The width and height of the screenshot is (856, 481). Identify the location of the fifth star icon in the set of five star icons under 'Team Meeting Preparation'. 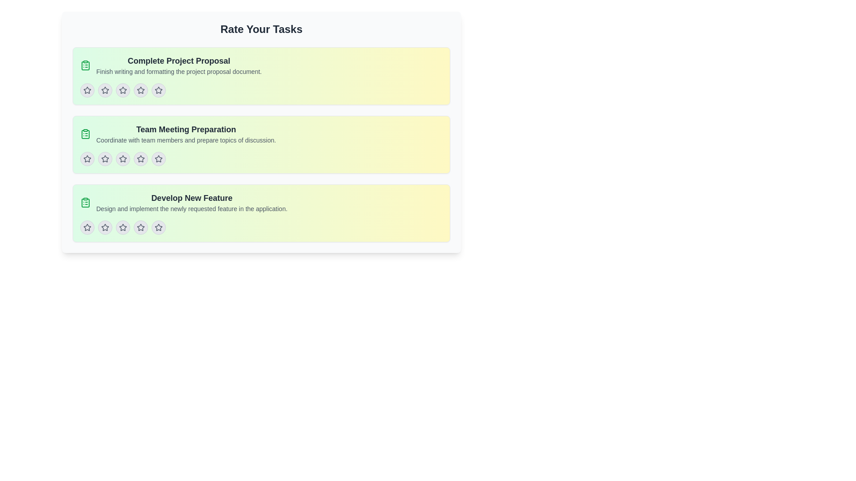
(158, 158).